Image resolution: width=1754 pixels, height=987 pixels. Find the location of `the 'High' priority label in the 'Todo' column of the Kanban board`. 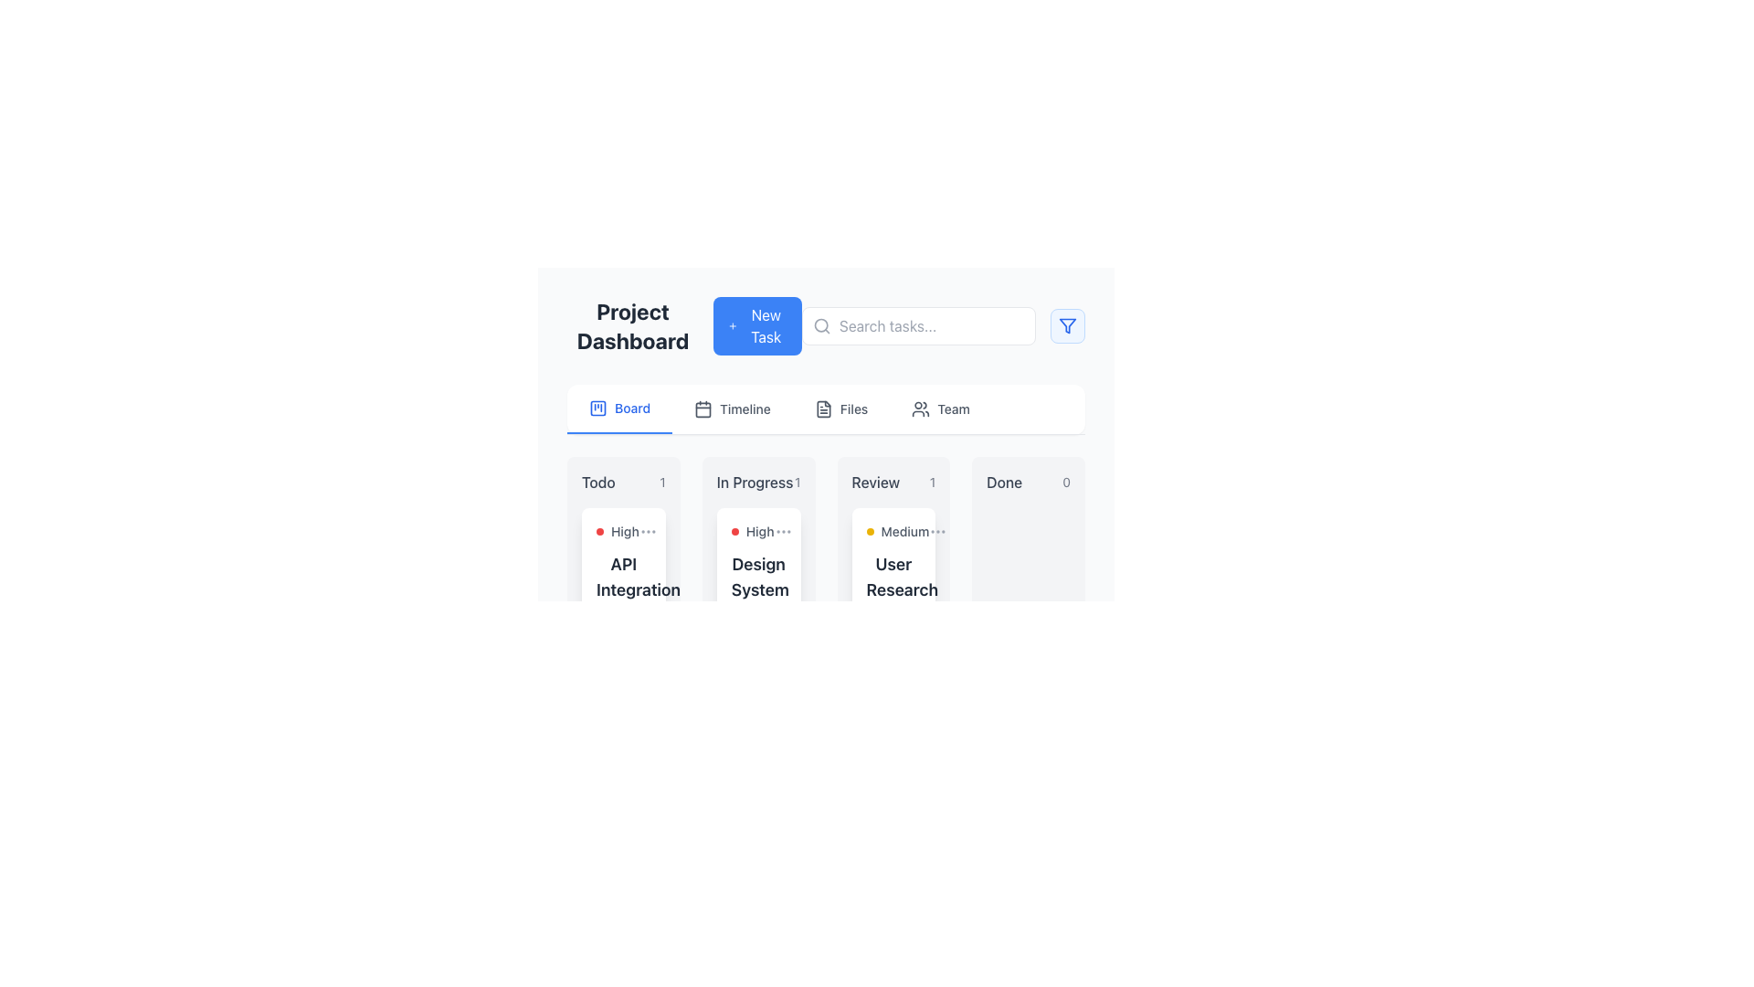

the 'High' priority label in the 'Todo' column of the Kanban board is located at coordinates (618, 532).